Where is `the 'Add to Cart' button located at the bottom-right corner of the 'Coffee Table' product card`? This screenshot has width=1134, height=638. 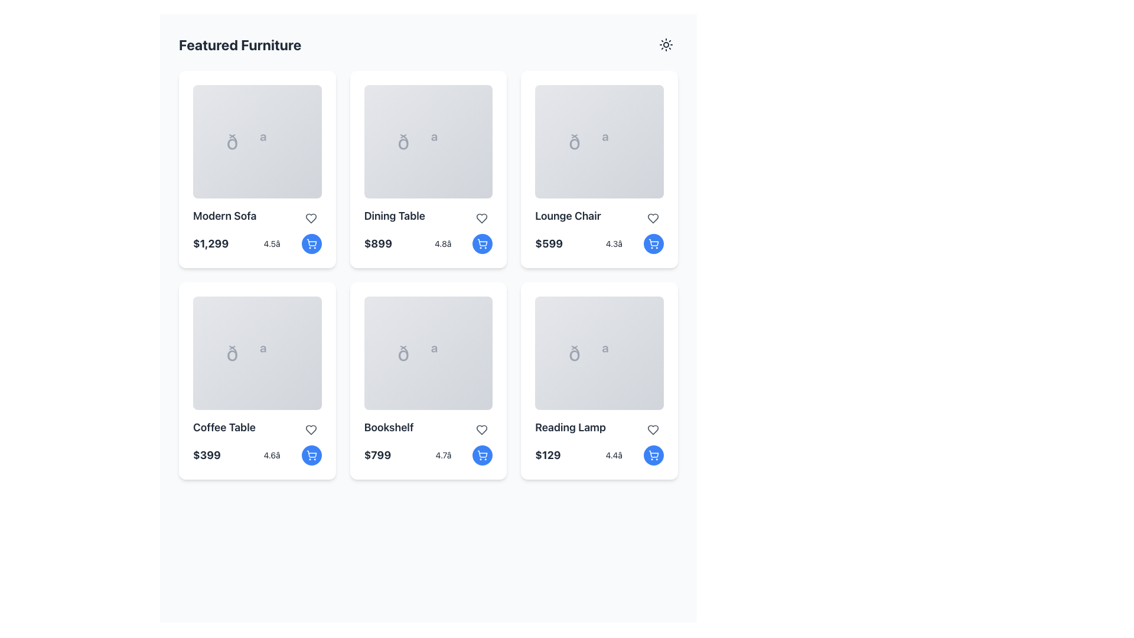
the 'Add to Cart' button located at the bottom-right corner of the 'Coffee Table' product card is located at coordinates (311, 455).